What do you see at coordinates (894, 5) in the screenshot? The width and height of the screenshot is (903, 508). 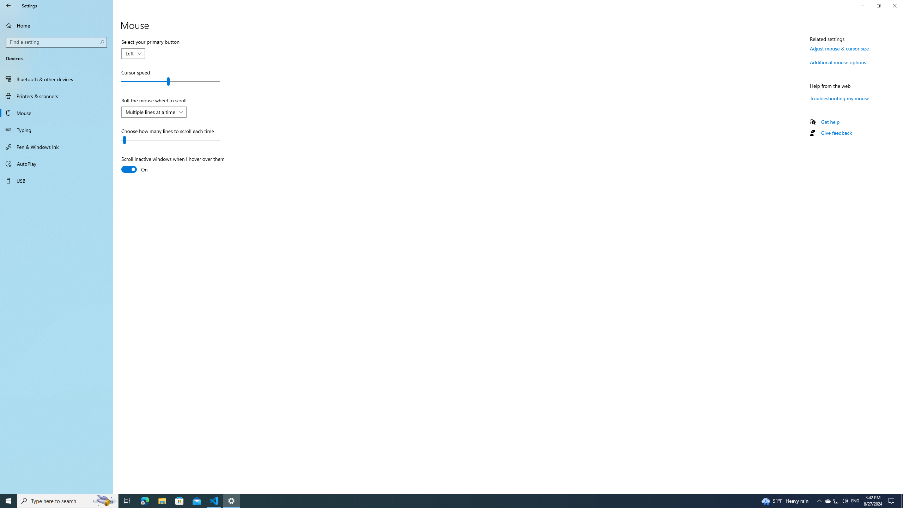 I see `'Close Settings'` at bounding box center [894, 5].